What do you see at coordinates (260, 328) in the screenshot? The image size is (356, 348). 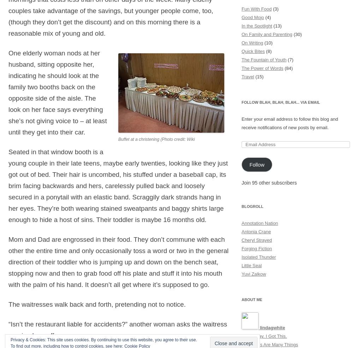 I see `'lindagwhite'` at bounding box center [260, 328].